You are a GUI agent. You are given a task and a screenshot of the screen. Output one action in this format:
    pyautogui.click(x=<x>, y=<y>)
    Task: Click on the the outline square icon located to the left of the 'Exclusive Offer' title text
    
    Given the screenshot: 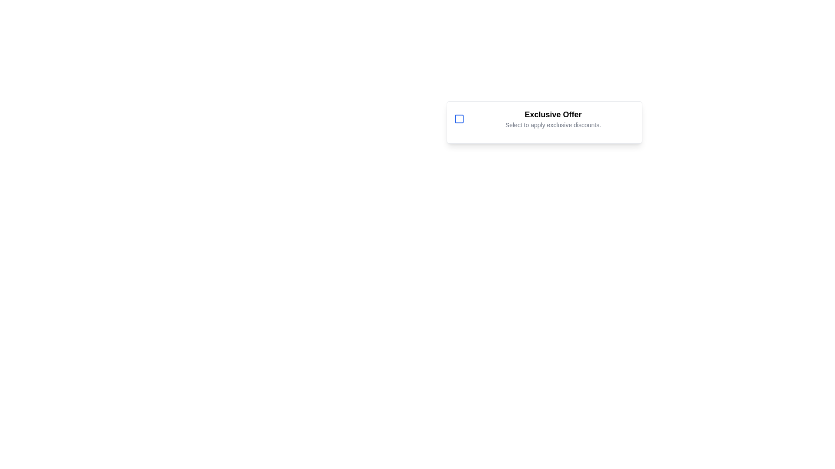 What is the action you would take?
    pyautogui.click(x=459, y=119)
    